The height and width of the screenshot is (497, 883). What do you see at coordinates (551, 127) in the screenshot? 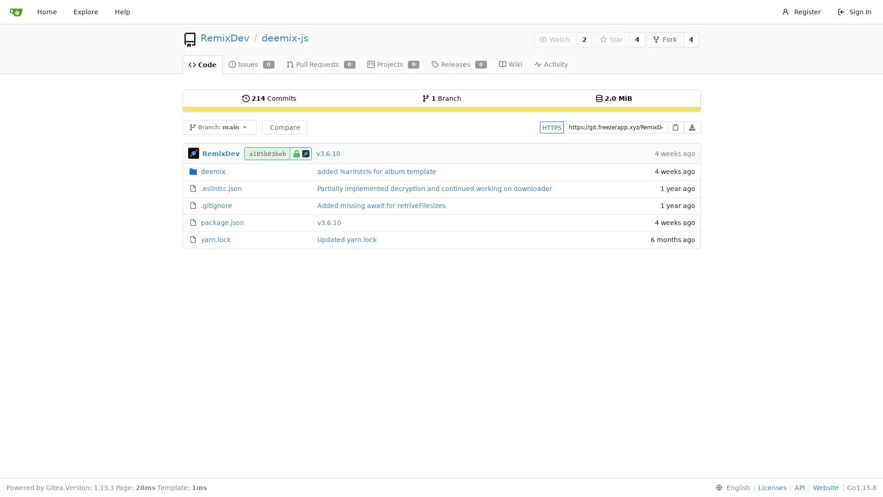
I see `HTTPS` at bounding box center [551, 127].